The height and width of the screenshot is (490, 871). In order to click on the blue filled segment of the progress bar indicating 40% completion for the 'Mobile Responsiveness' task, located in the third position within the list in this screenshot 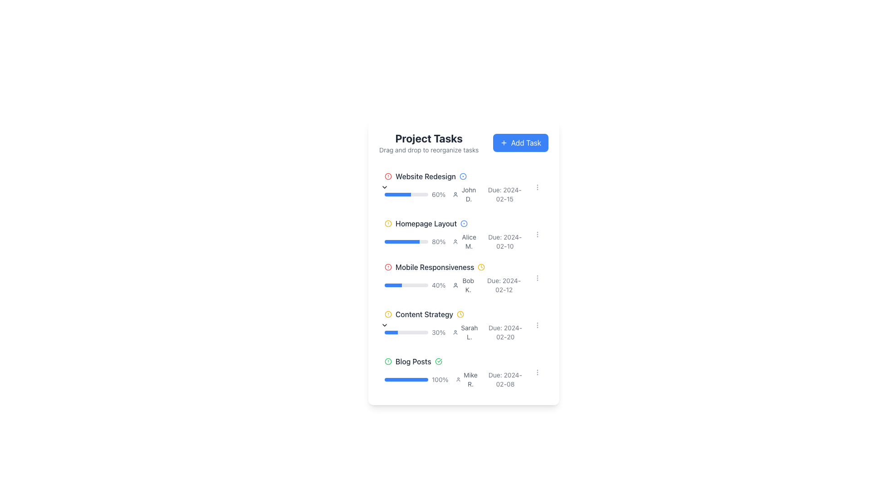, I will do `click(393, 284)`.